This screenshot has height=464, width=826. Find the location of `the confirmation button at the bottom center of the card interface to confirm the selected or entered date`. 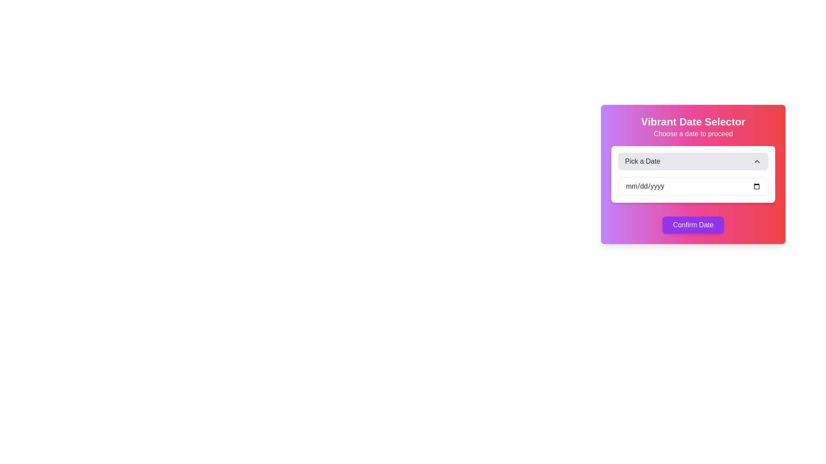

the confirmation button at the bottom center of the card interface to confirm the selected or entered date is located at coordinates (693, 225).